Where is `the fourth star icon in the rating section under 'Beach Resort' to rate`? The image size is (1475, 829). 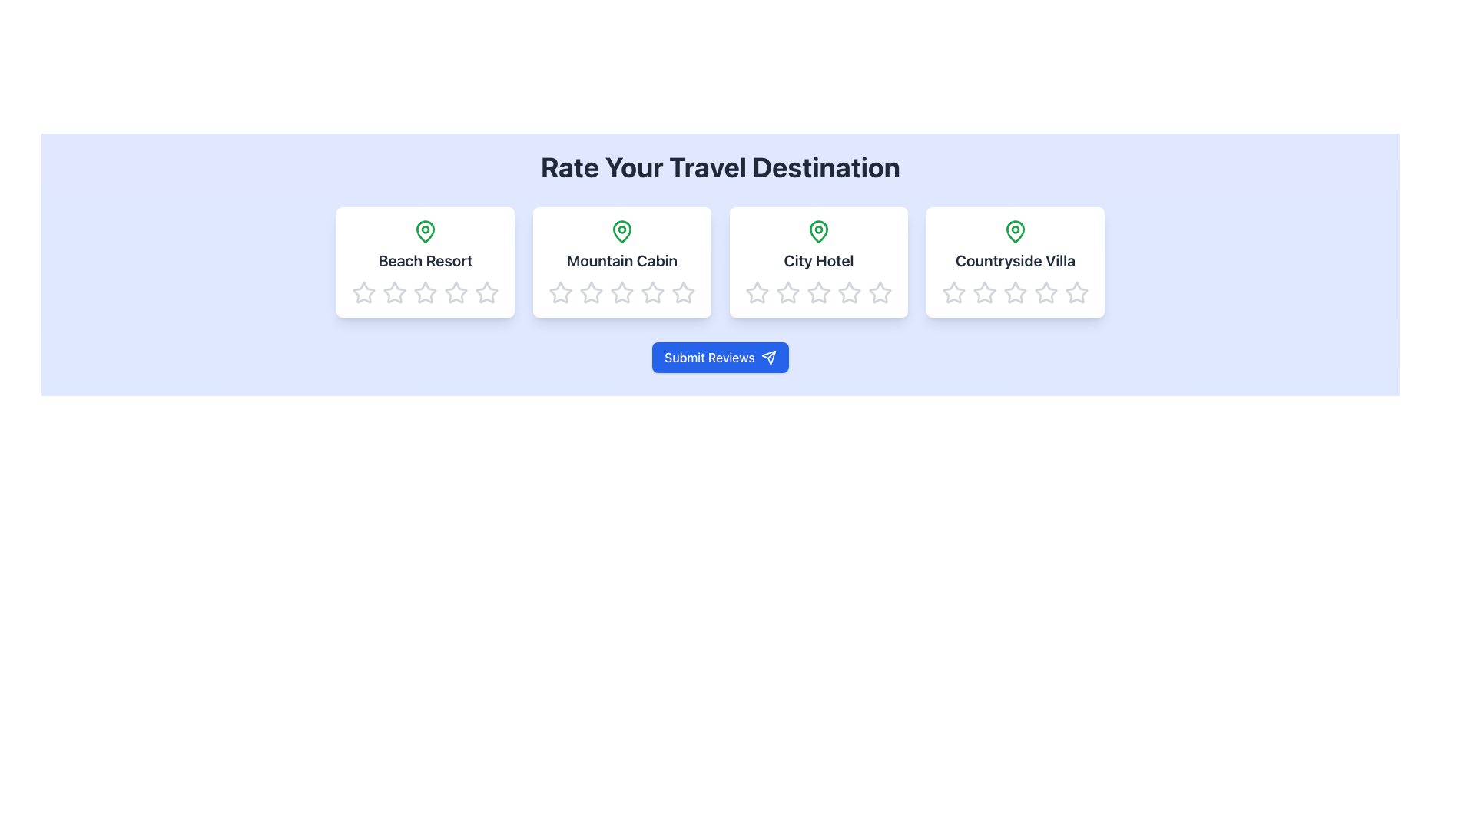 the fourth star icon in the rating section under 'Beach Resort' to rate is located at coordinates (425, 292).